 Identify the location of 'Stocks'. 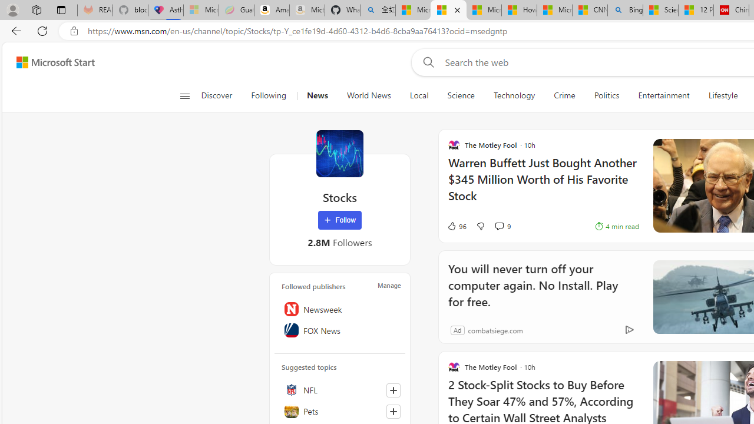
(339, 153).